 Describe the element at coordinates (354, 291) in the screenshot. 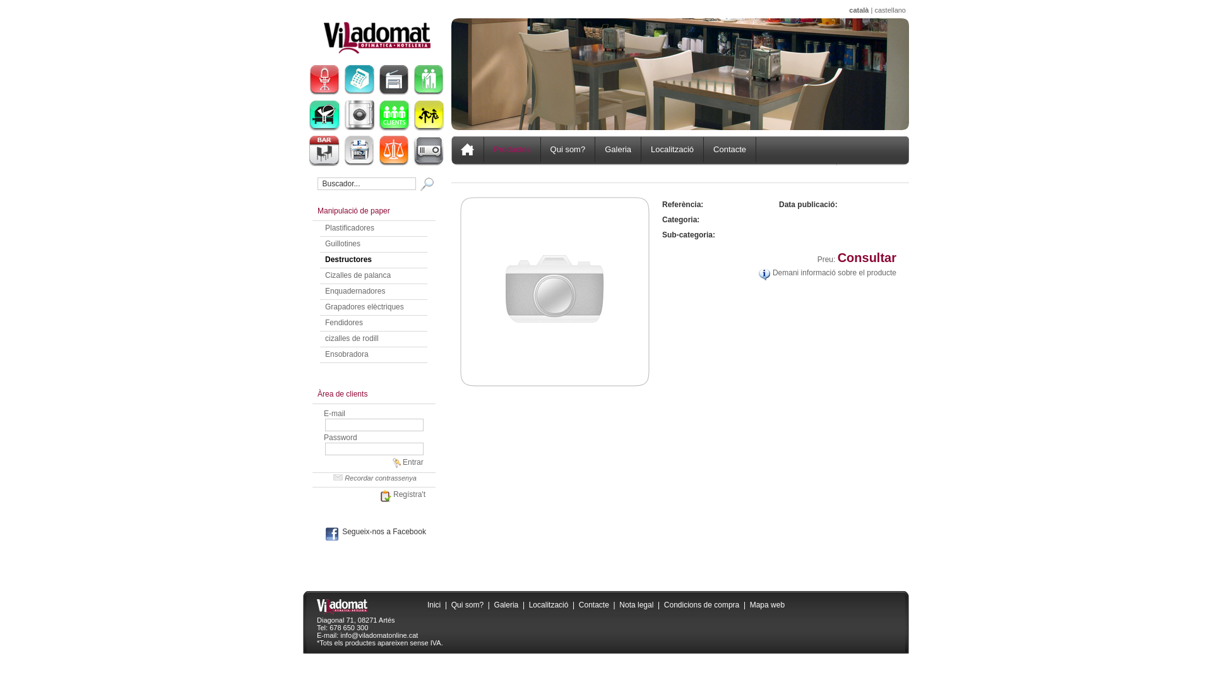

I see `'Enquadernadores'` at that location.